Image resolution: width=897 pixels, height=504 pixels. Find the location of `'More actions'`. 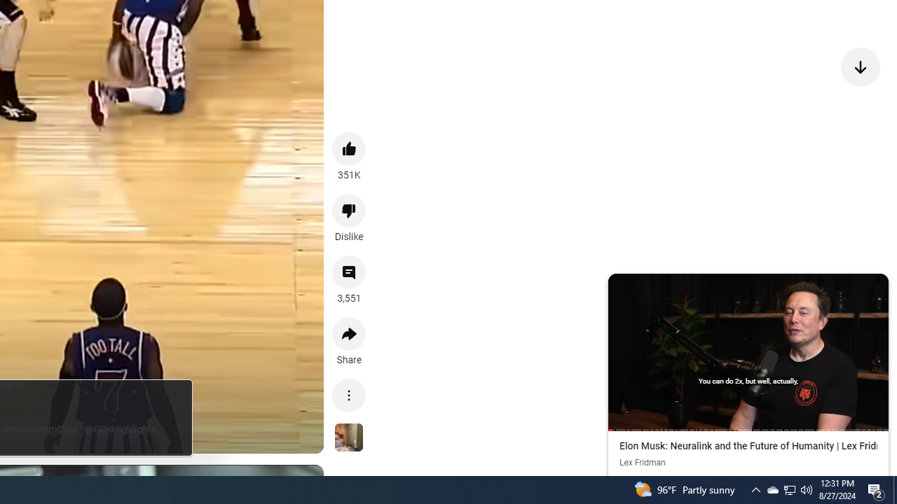

'More actions' is located at coordinates (349, 395).